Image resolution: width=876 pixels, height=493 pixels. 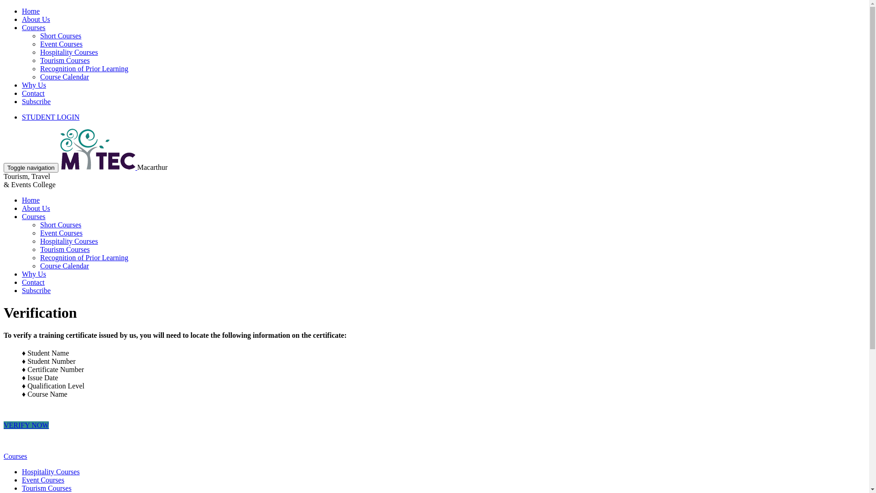 What do you see at coordinates (22, 290) in the screenshot?
I see `'Subscribe'` at bounding box center [22, 290].